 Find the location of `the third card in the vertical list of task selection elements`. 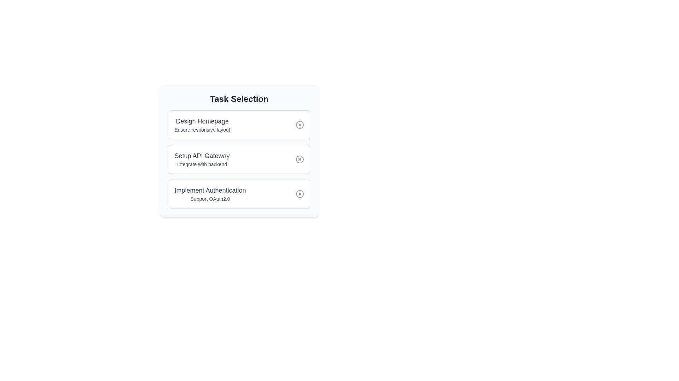

the third card in the vertical list of task selection elements is located at coordinates (210, 194).